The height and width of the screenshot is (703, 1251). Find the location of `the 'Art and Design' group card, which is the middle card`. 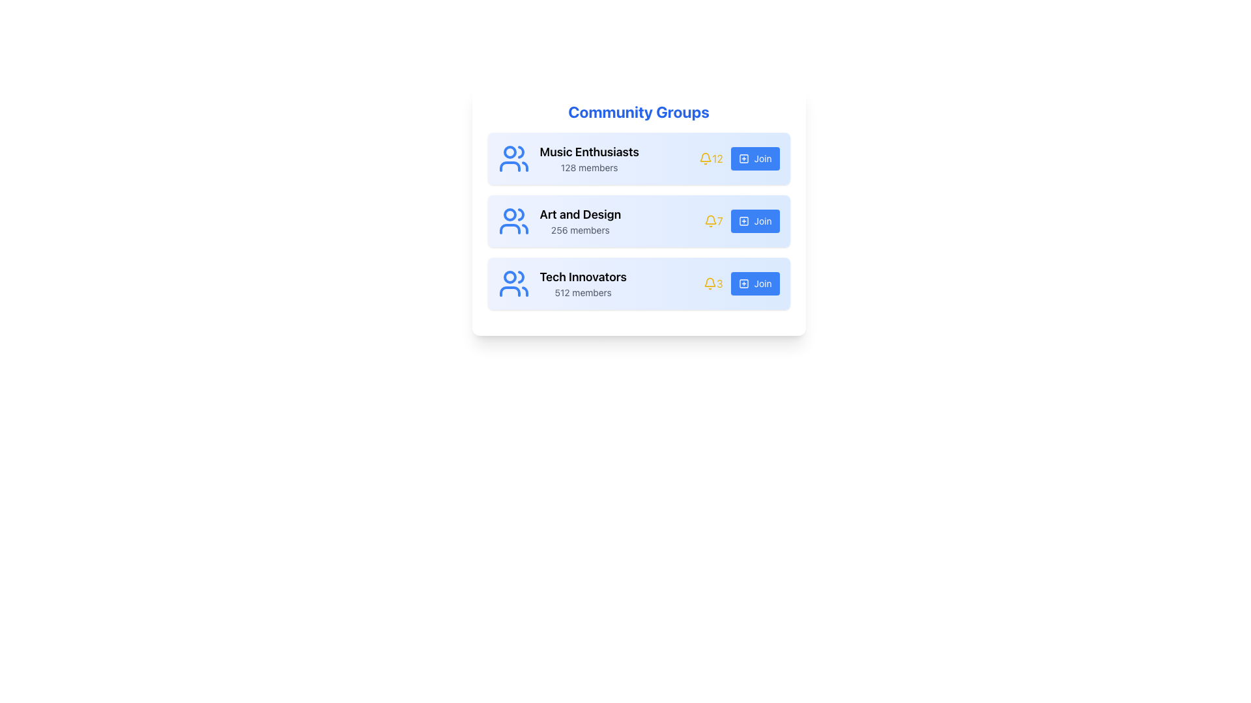

the 'Art and Design' group card, which is the middle card is located at coordinates (639, 220).